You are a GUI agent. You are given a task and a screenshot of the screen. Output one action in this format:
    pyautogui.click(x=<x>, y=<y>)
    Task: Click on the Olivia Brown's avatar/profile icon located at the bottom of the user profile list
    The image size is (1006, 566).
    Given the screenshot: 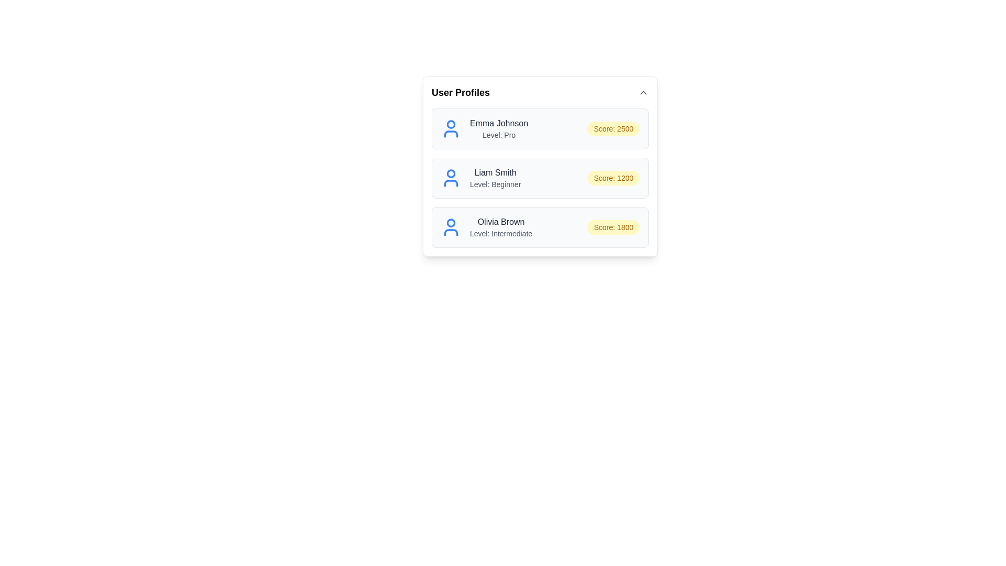 What is the action you would take?
    pyautogui.click(x=451, y=227)
    